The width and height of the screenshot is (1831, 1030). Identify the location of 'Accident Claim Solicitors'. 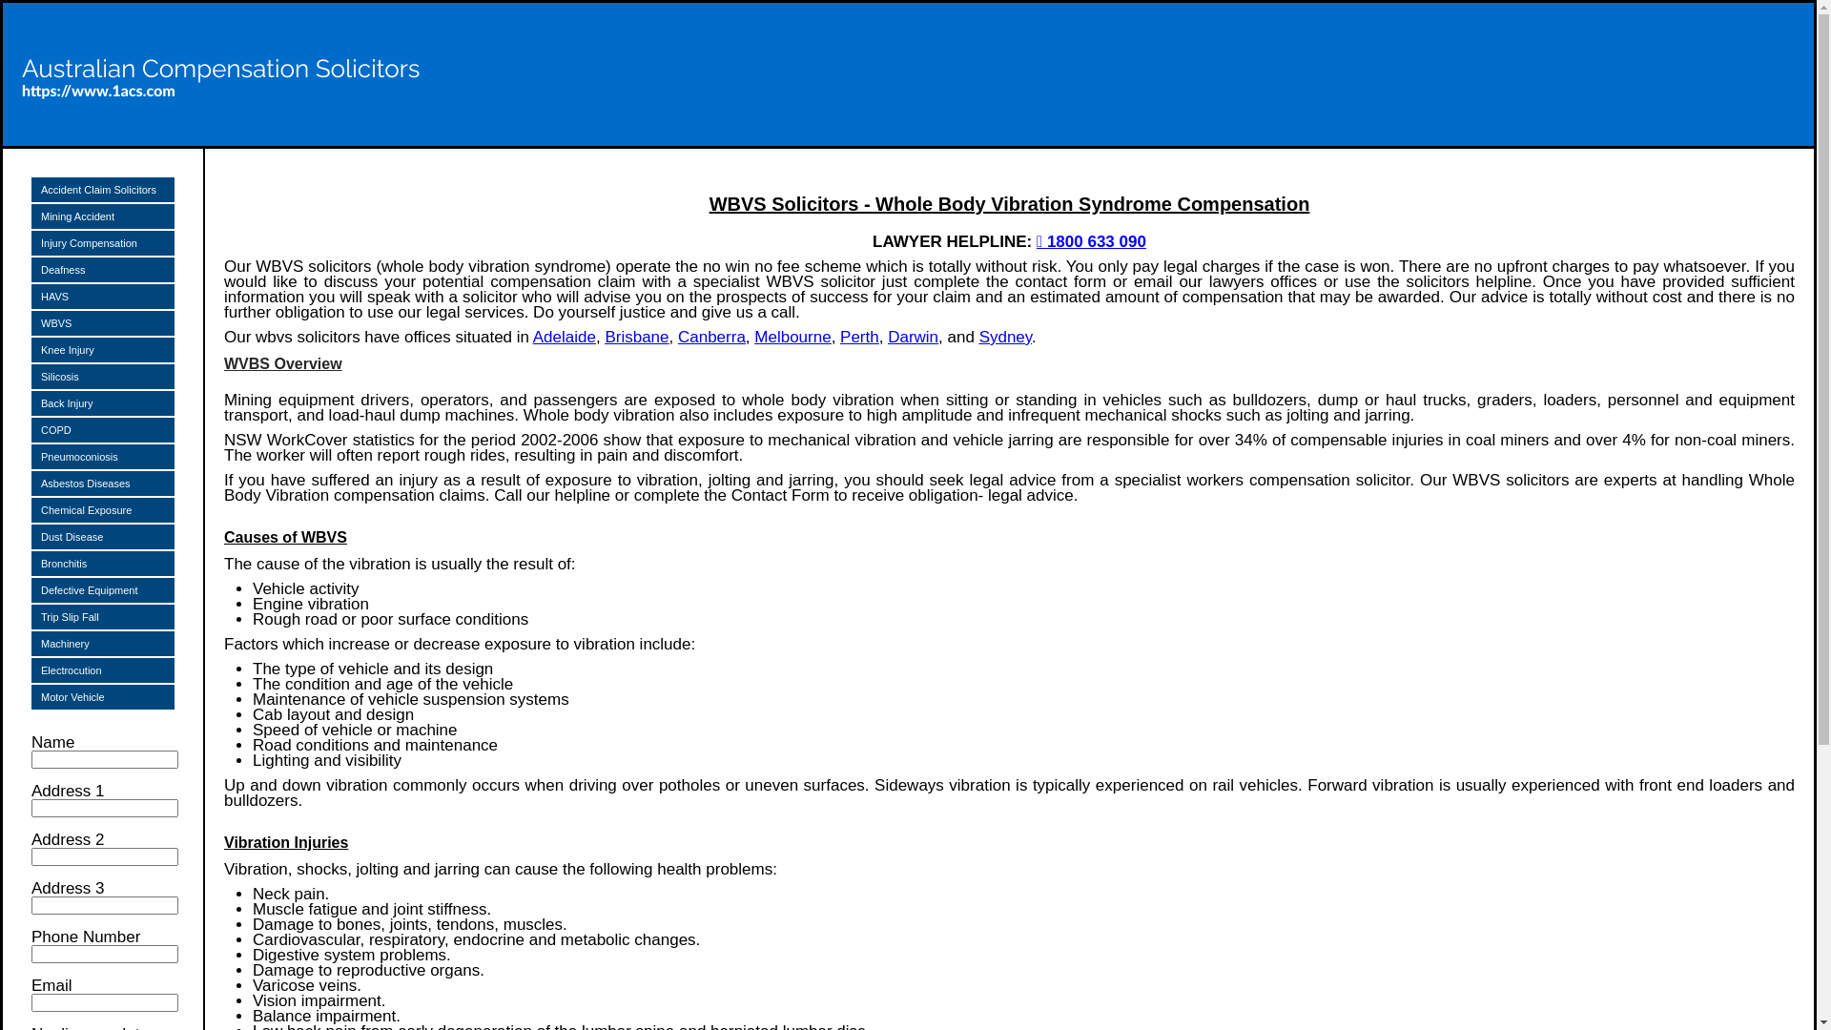
(101, 190).